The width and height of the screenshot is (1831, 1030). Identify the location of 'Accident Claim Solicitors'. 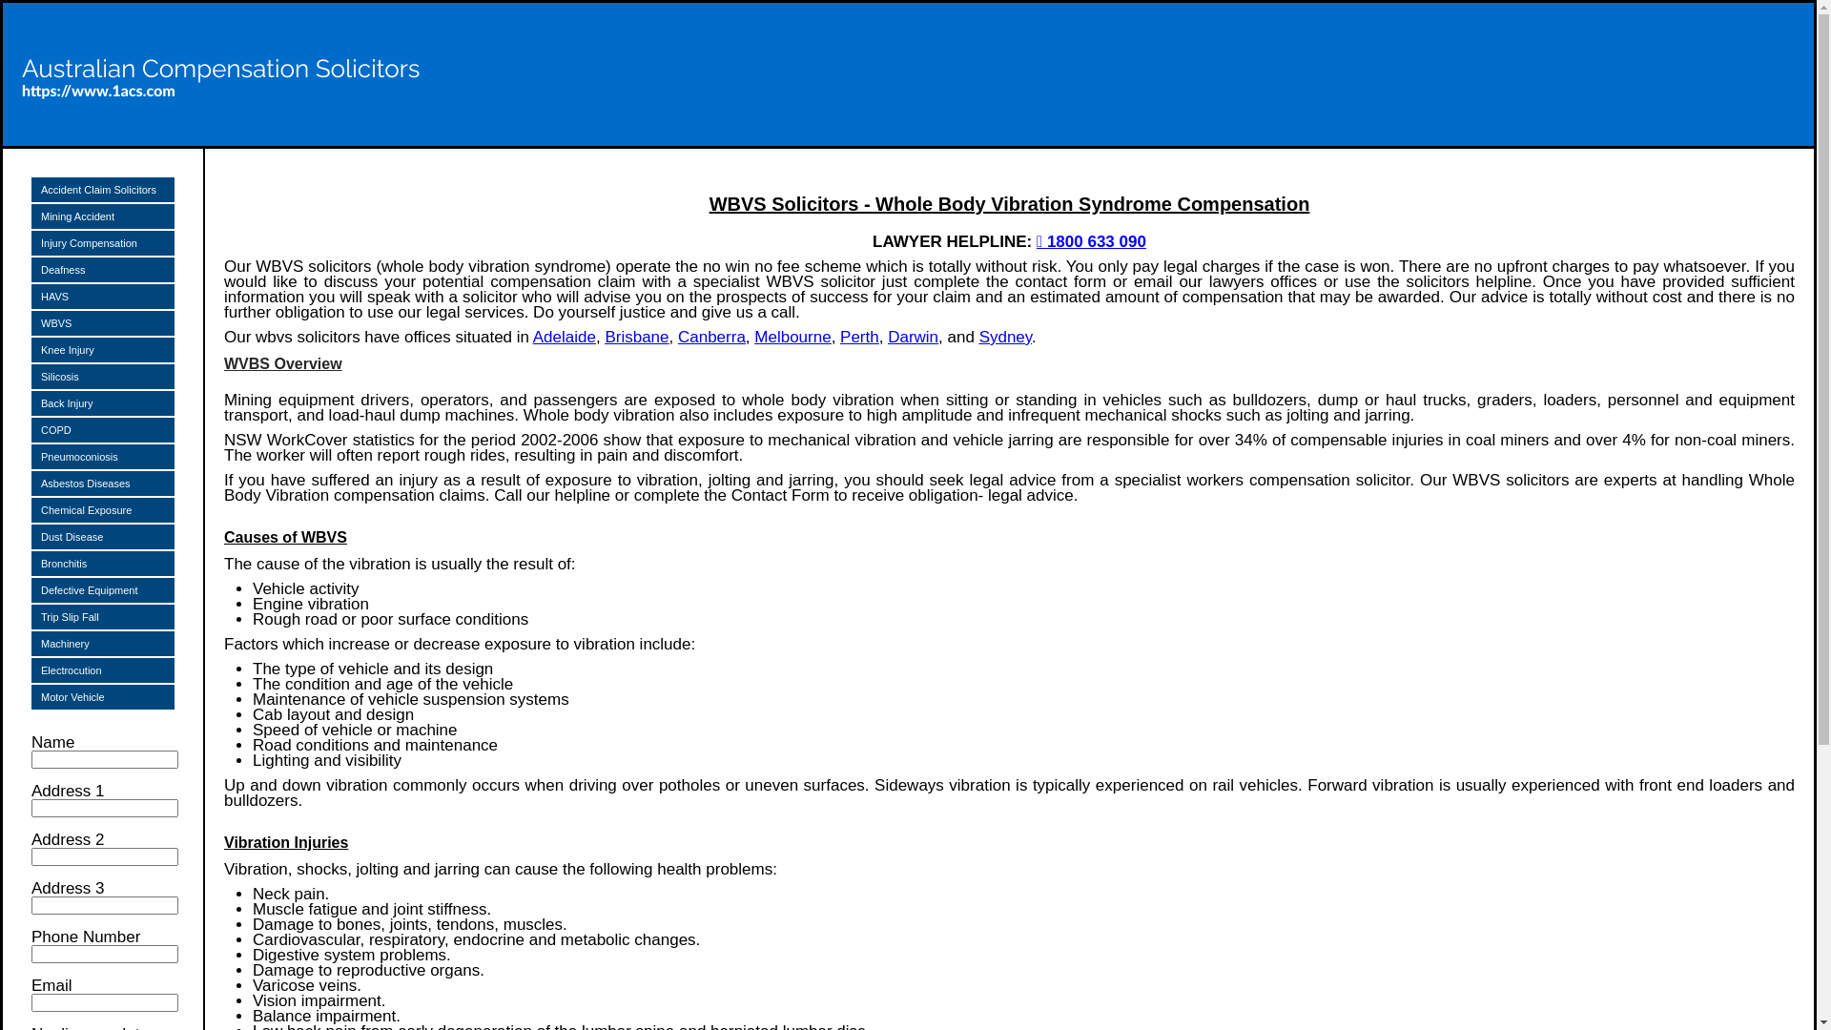
(101, 190).